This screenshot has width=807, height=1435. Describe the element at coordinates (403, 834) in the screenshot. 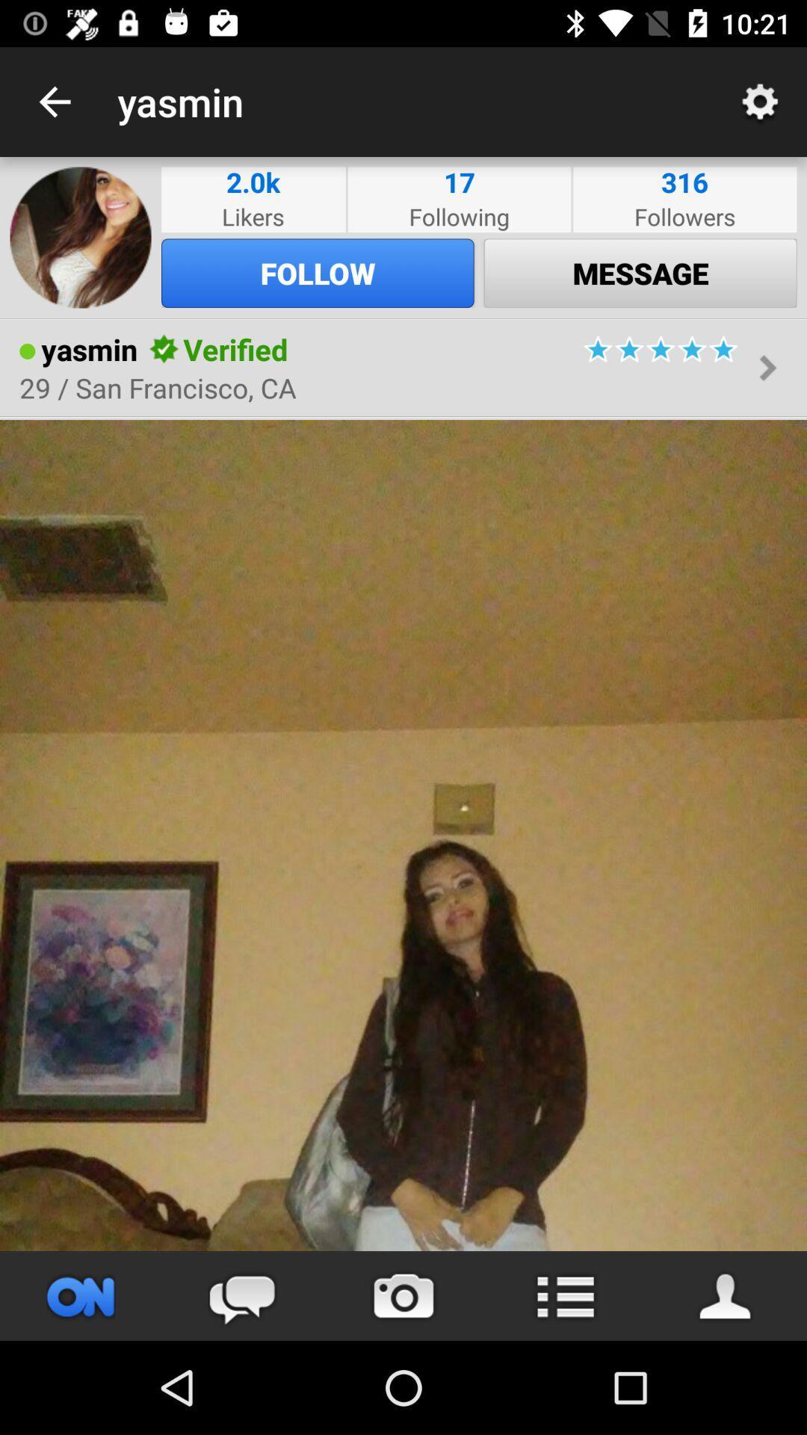

I see `person` at that location.